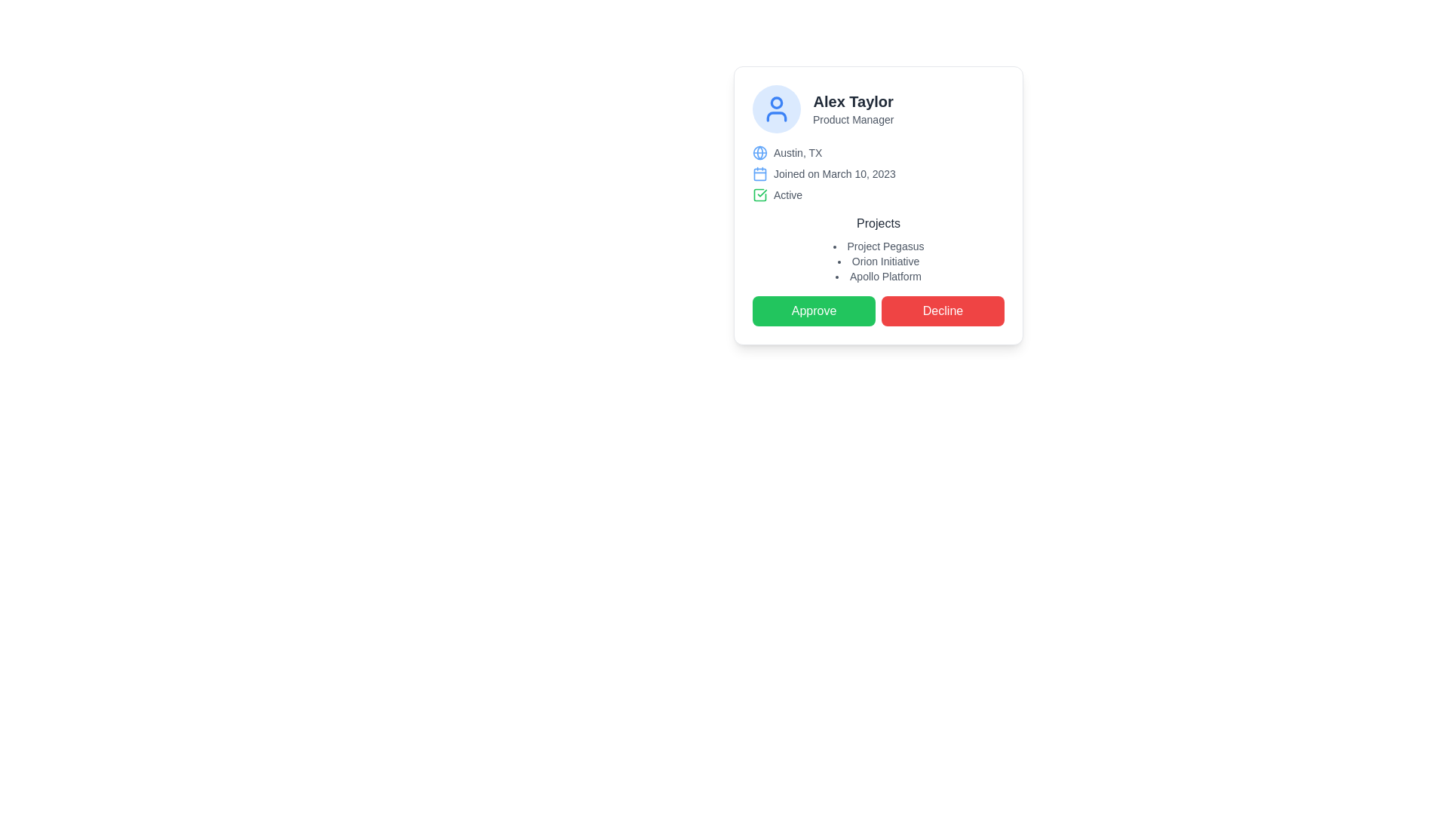  Describe the element at coordinates (853, 102) in the screenshot. I see `the bold text label displaying the name 'Alex Taylor', which is prominently positioned at the top of a rectangular card` at that location.